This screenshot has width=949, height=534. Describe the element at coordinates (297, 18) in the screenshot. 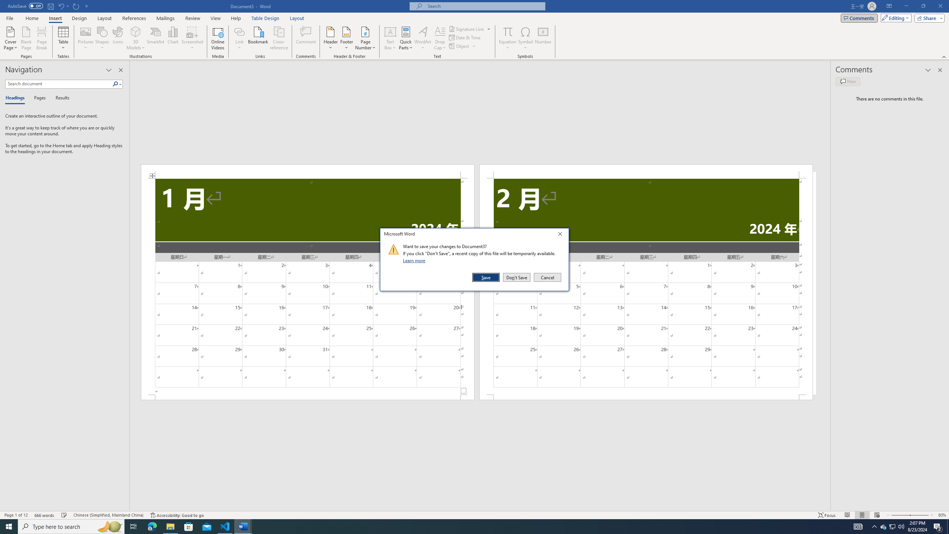

I see `'Layout'` at that location.